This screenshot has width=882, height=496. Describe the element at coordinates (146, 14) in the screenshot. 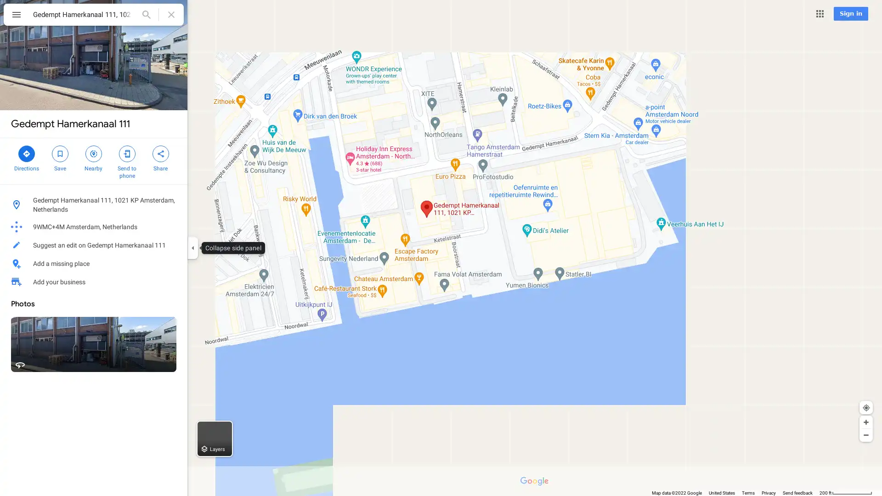

I see `Search` at that location.